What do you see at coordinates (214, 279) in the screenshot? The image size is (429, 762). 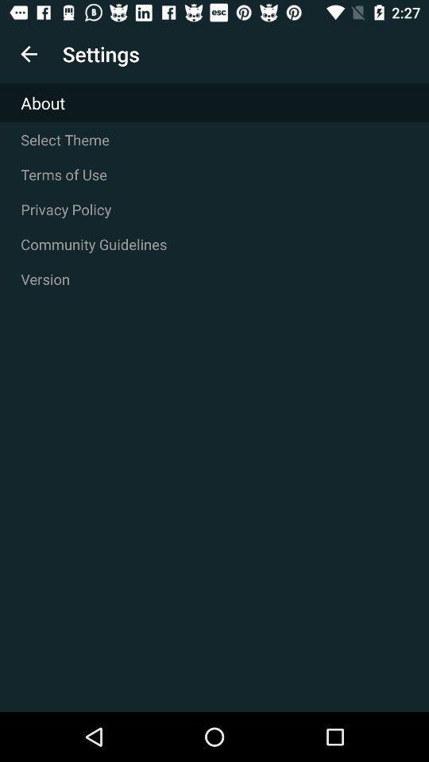 I see `the icon below community guidelines icon` at bounding box center [214, 279].